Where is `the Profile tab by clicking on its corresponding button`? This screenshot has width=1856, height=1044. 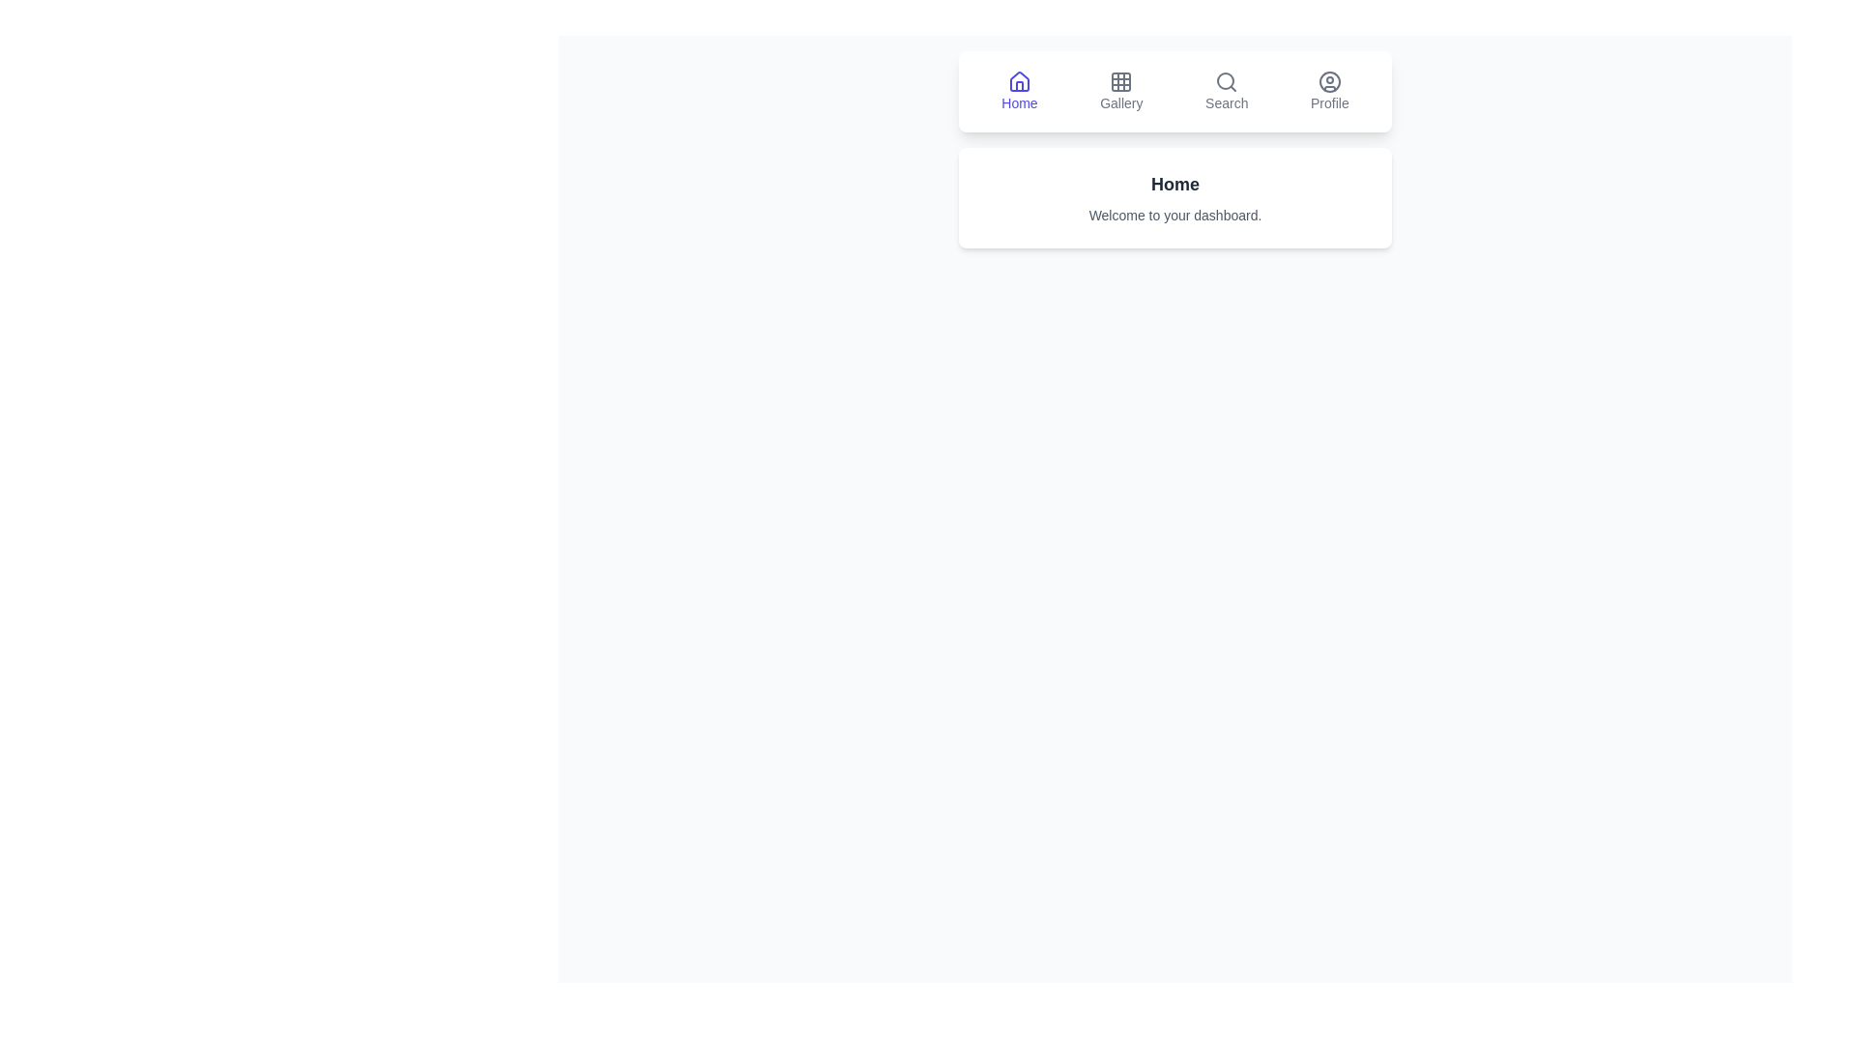 the Profile tab by clicking on its corresponding button is located at coordinates (1328, 92).